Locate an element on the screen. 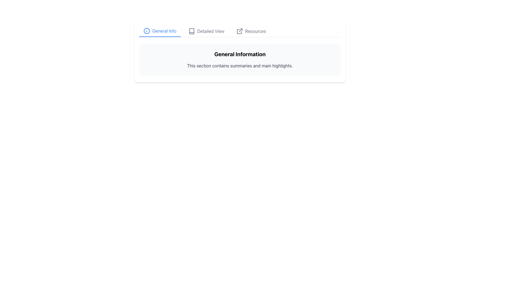 The image size is (526, 296). the central circular shape of the SVG Circle located at the top-left corner of the content block, which serves as a visual cue for users is located at coordinates (147, 31).